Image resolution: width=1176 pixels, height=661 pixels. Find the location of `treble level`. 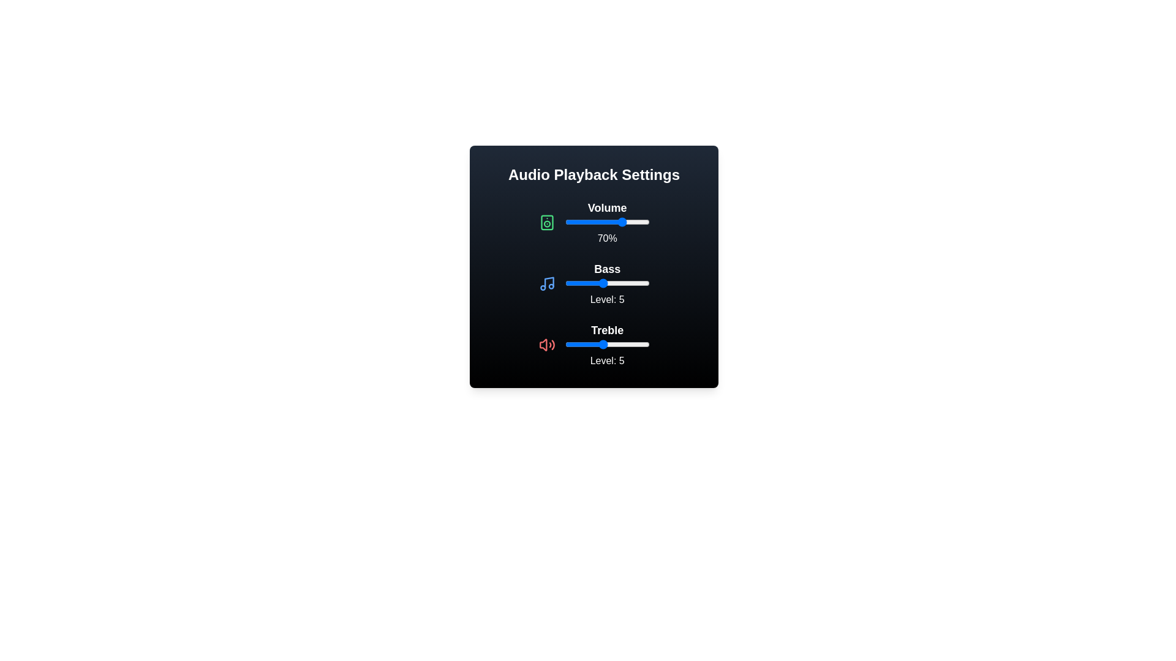

treble level is located at coordinates (564, 345).